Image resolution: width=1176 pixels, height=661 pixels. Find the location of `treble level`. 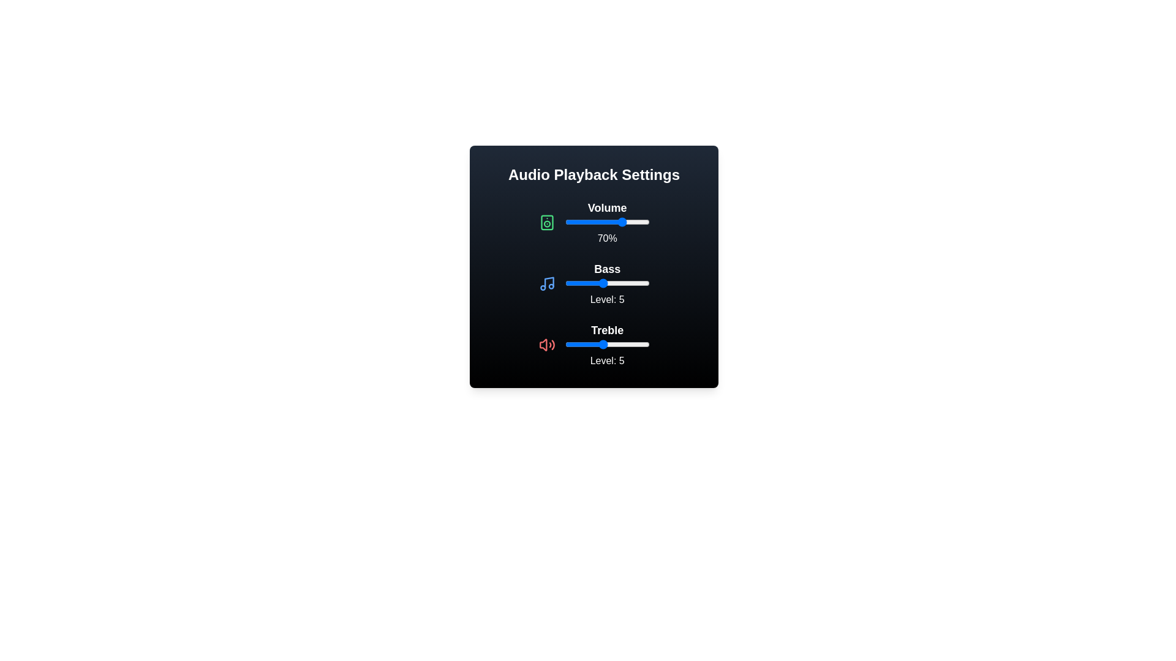

treble level is located at coordinates (564, 345).